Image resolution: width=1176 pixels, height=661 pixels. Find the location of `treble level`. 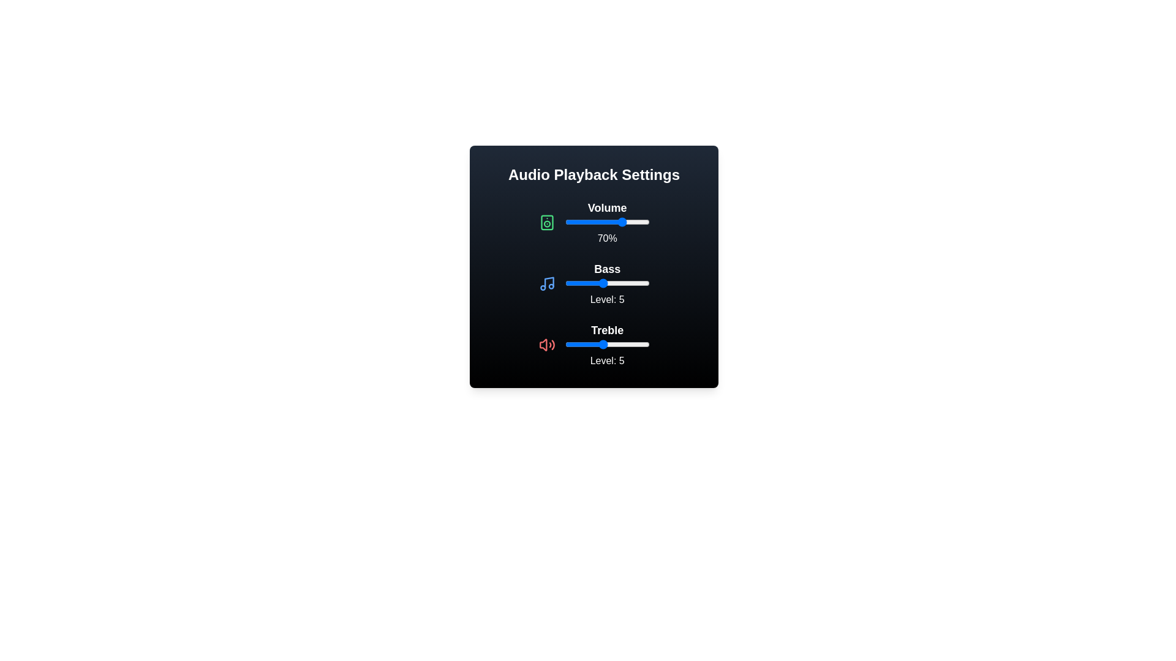

treble level is located at coordinates (564, 345).